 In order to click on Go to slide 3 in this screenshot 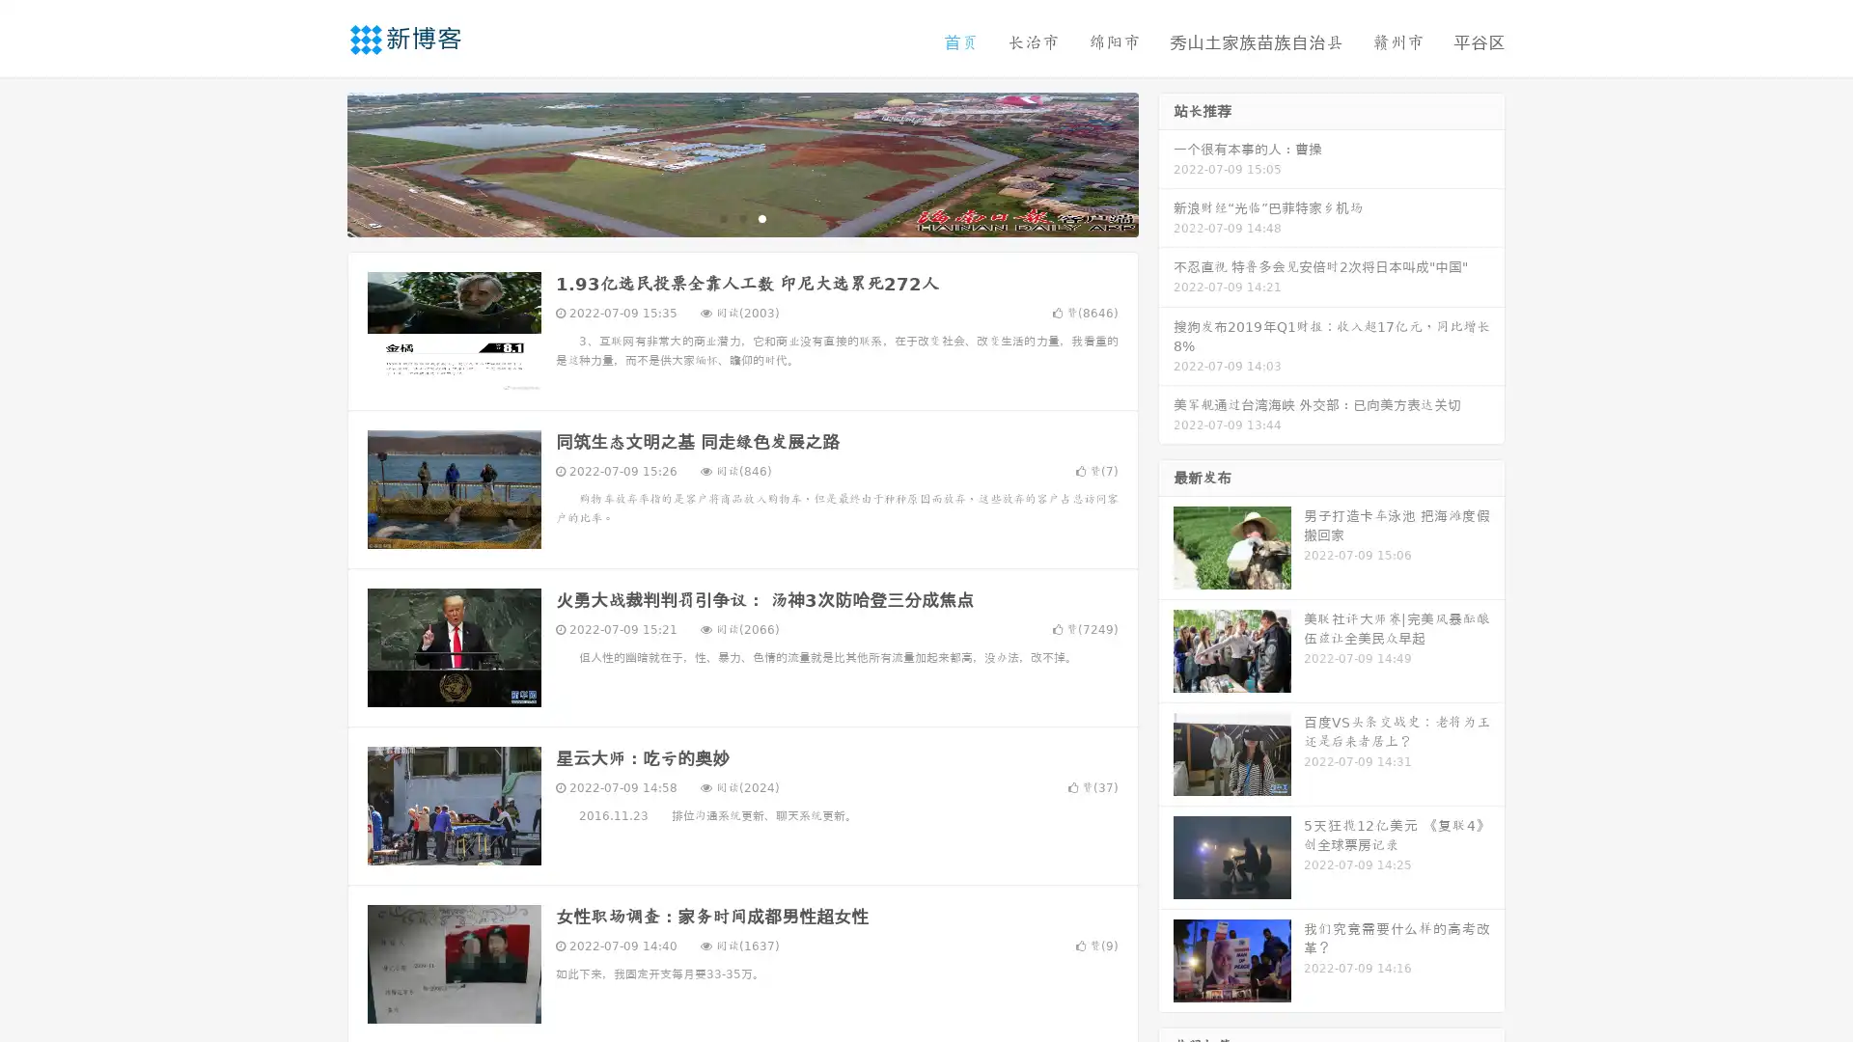, I will do `click(761, 217)`.